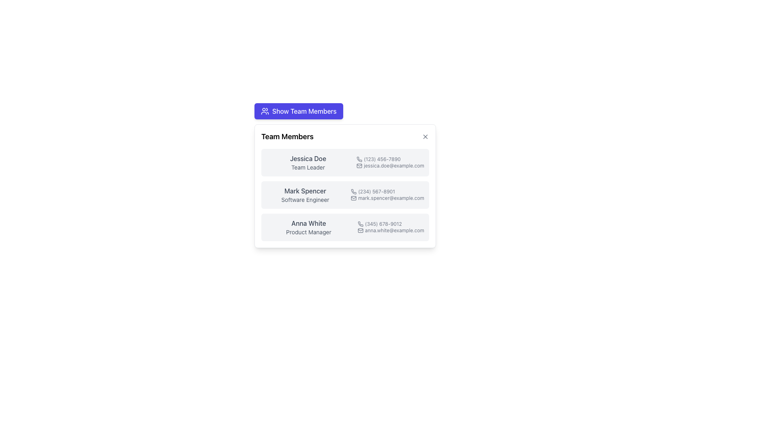  I want to click on the Contact Card for Mark Spencer, located in the Team Members modal, so click(345, 186).